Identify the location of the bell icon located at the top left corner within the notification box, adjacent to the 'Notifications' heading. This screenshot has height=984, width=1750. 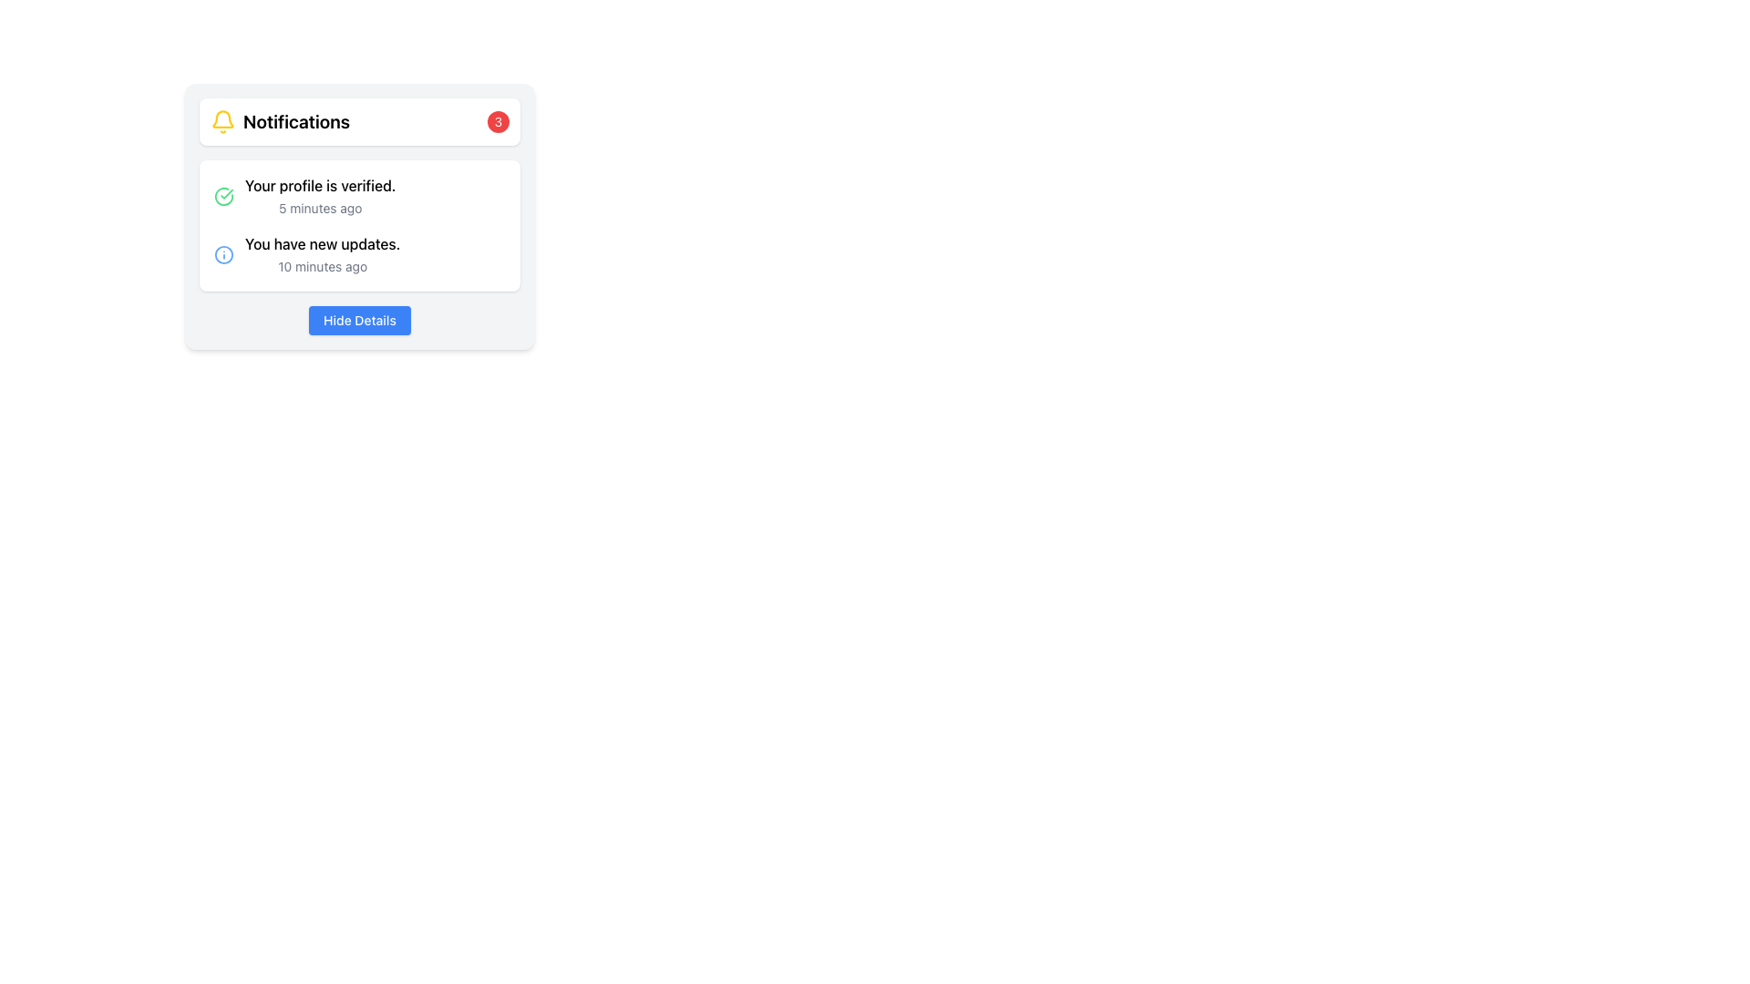
(221, 119).